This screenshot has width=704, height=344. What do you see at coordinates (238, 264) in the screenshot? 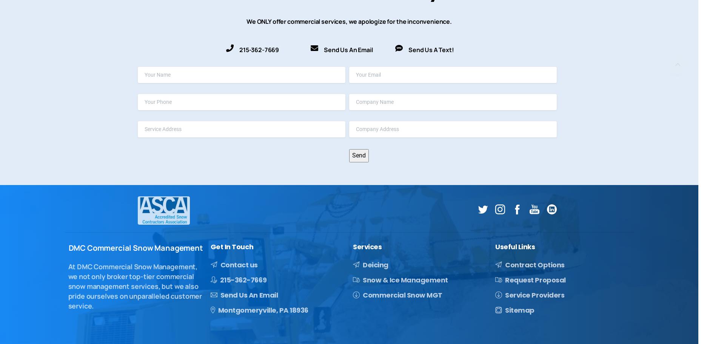
I see `'Contact us'` at bounding box center [238, 264].